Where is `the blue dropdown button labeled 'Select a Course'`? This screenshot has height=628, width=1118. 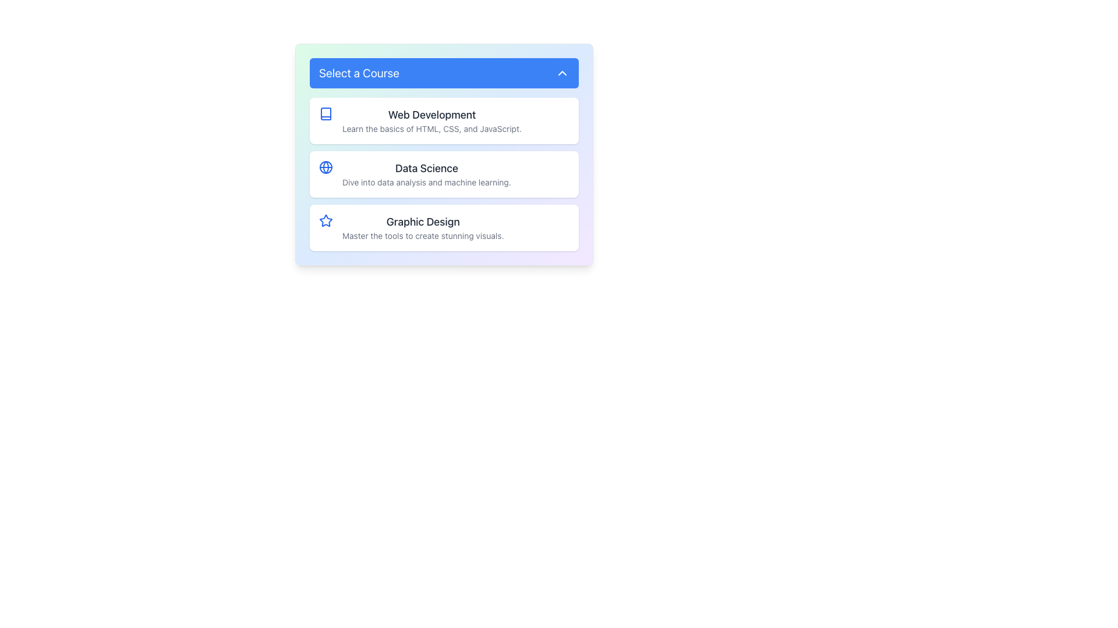 the blue dropdown button labeled 'Select a Course' is located at coordinates (444, 73).